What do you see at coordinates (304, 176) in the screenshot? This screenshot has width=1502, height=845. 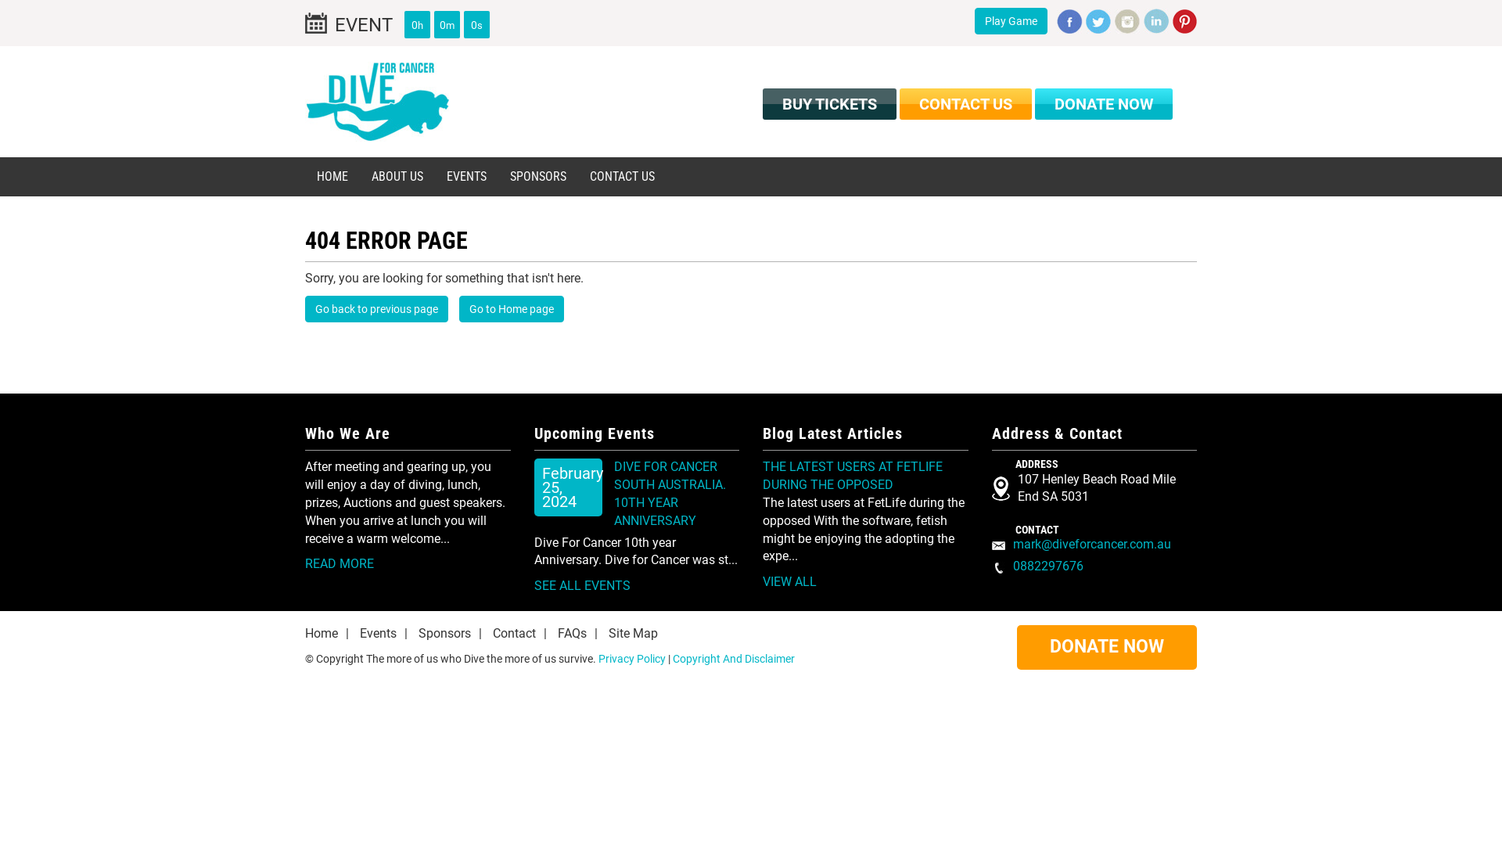 I see `'HOME'` at bounding box center [304, 176].